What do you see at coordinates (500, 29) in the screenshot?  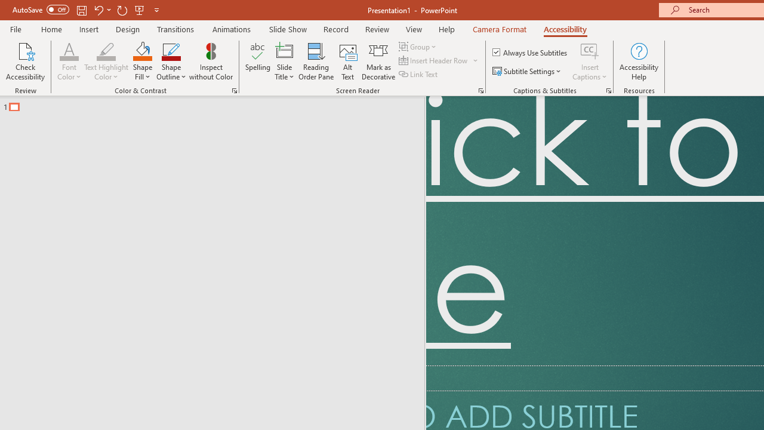 I see `'Camera Format'` at bounding box center [500, 29].